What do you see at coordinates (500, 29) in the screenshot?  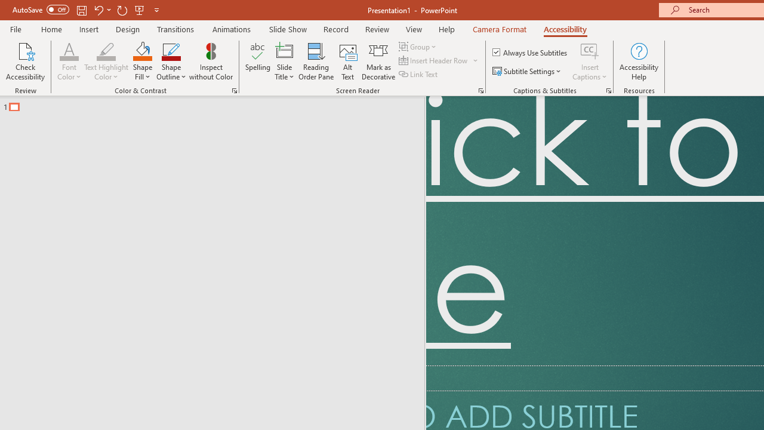 I see `'Camera Format'` at bounding box center [500, 29].